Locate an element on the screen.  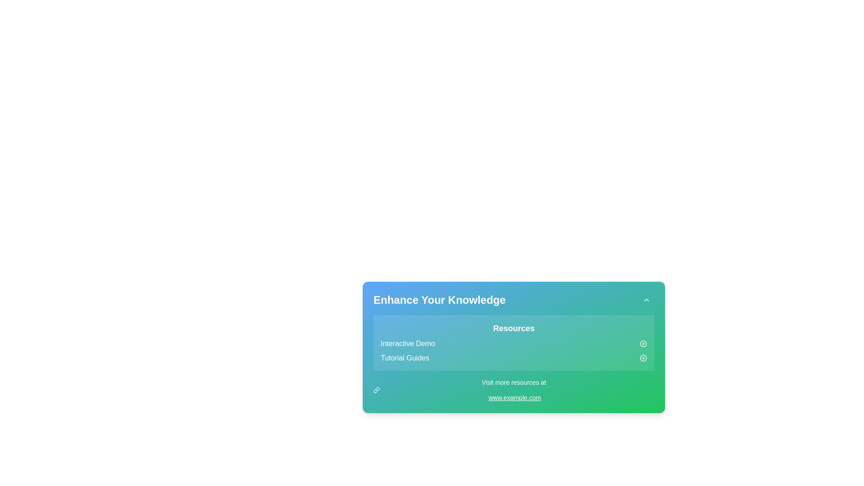
the hyperlink located at the bottom of the 'Enhance Your Knowledge' card, following the phrase 'Visit more resources at' is located at coordinates (514, 397).